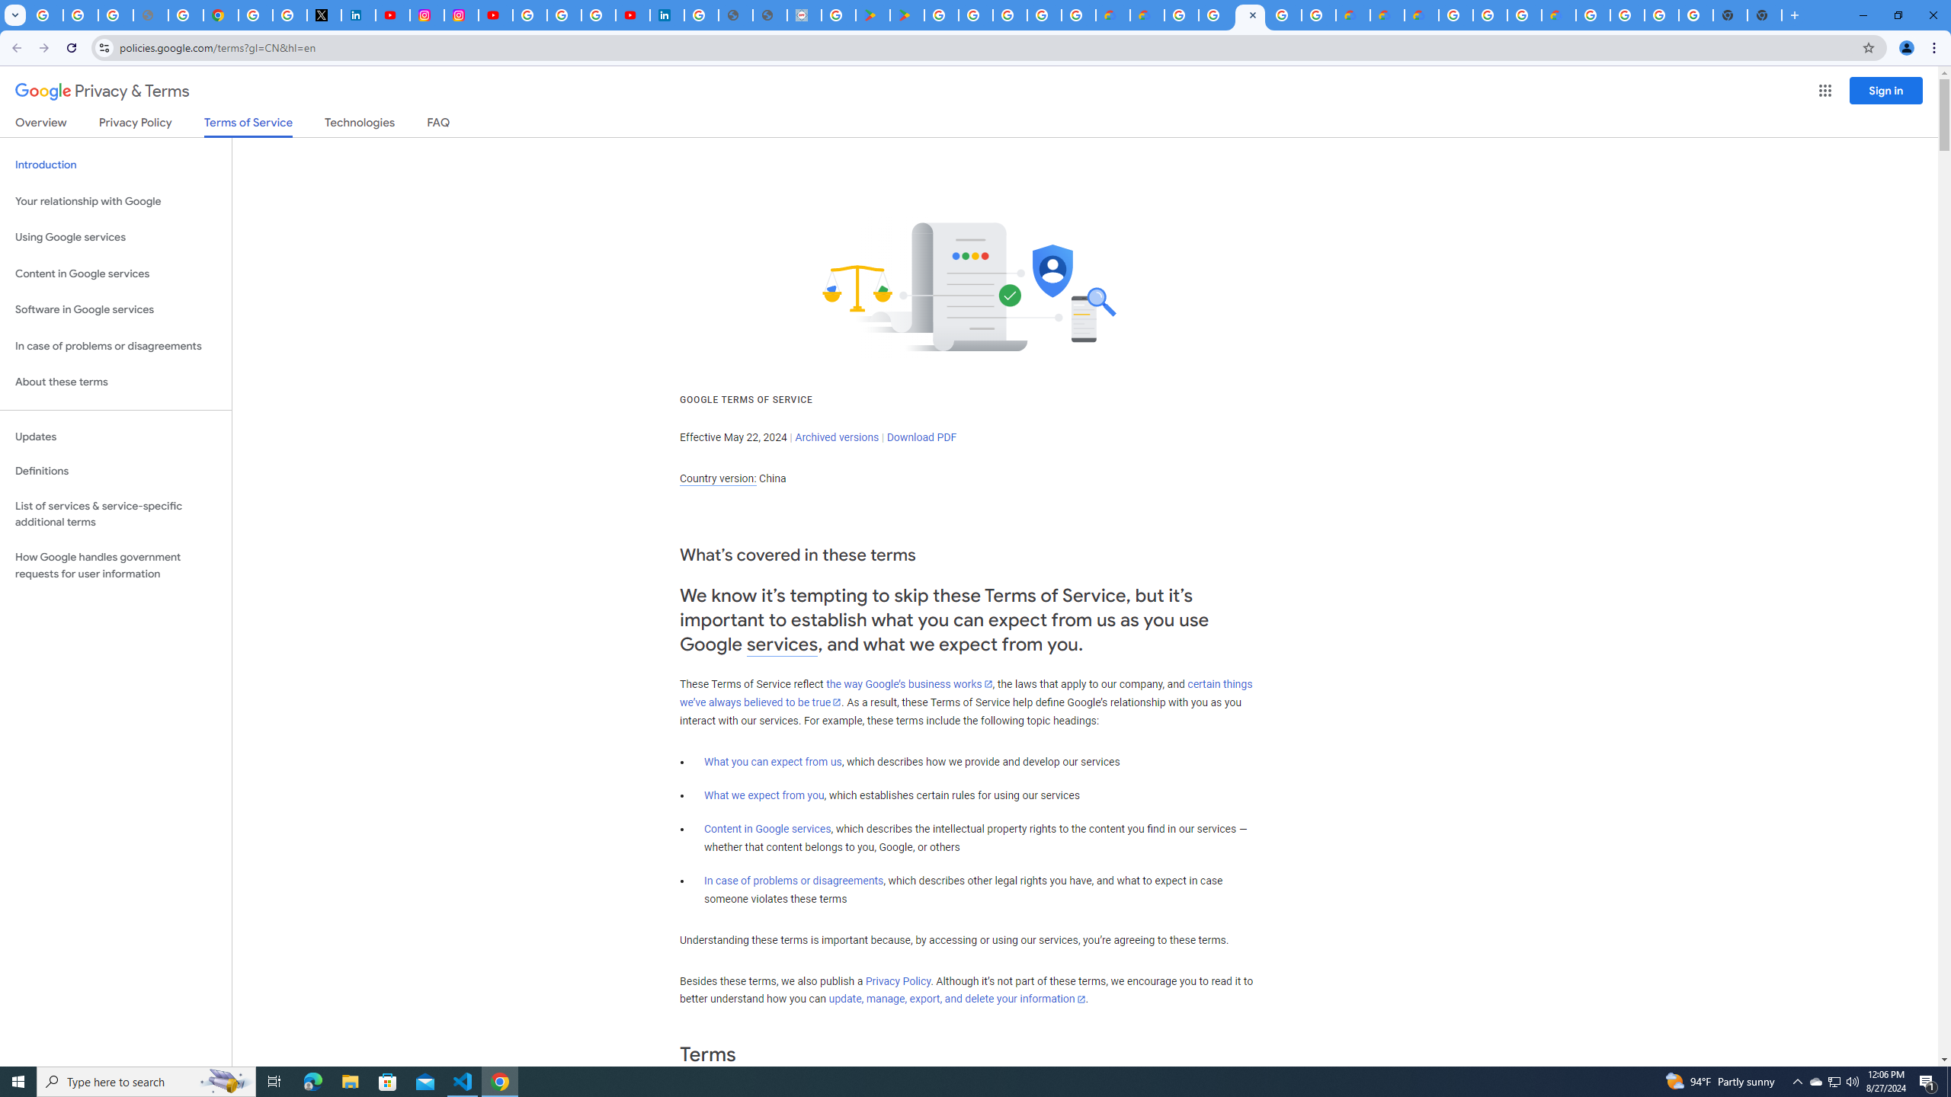 Image resolution: width=1951 pixels, height=1097 pixels. What do you see at coordinates (768, 14) in the screenshot?
I see `'User Details'` at bounding box center [768, 14].